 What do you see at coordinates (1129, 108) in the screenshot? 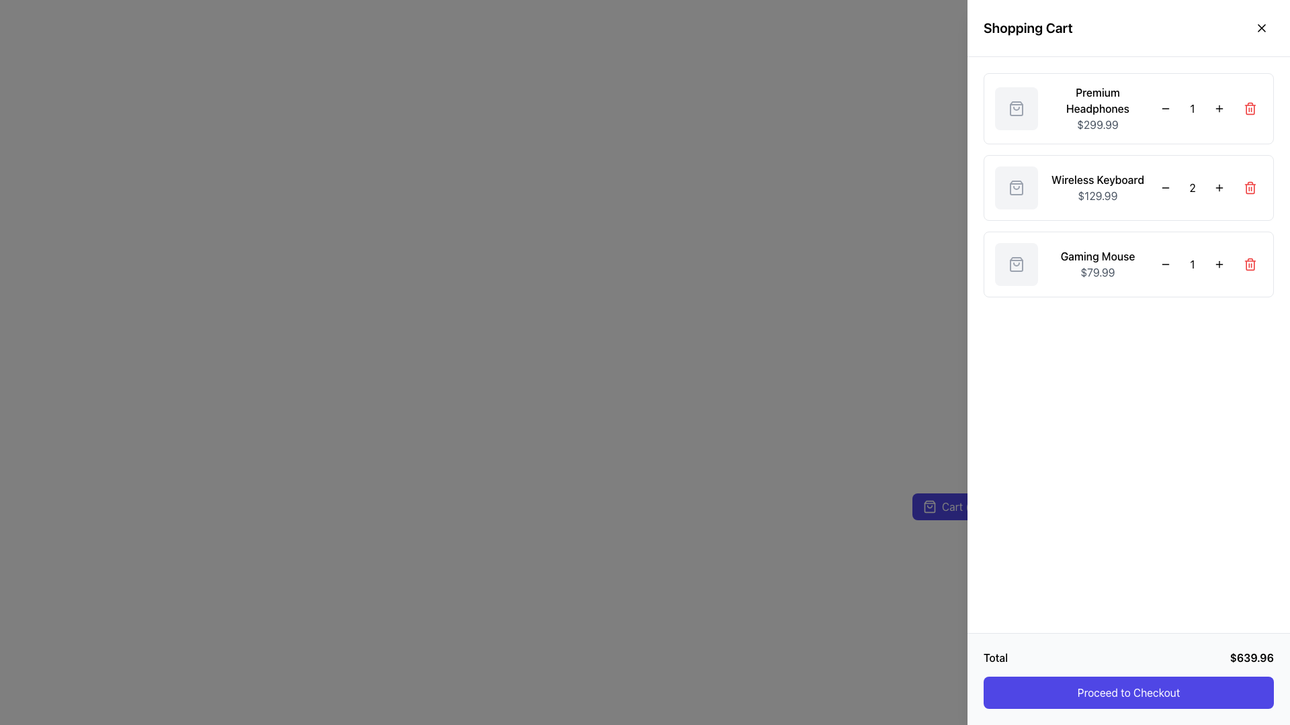
I see `the first item card in the shopping cart, which provides an overview of a single product including its name and price` at bounding box center [1129, 108].